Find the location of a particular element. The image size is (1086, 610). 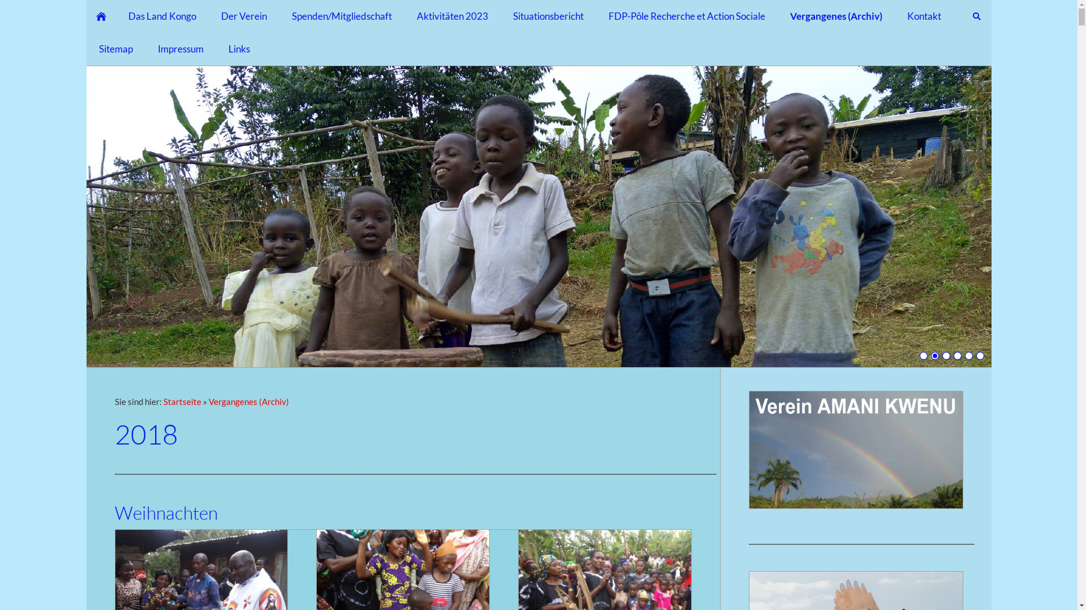

'Das Land Kongo' is located at coordinates (161, 16).